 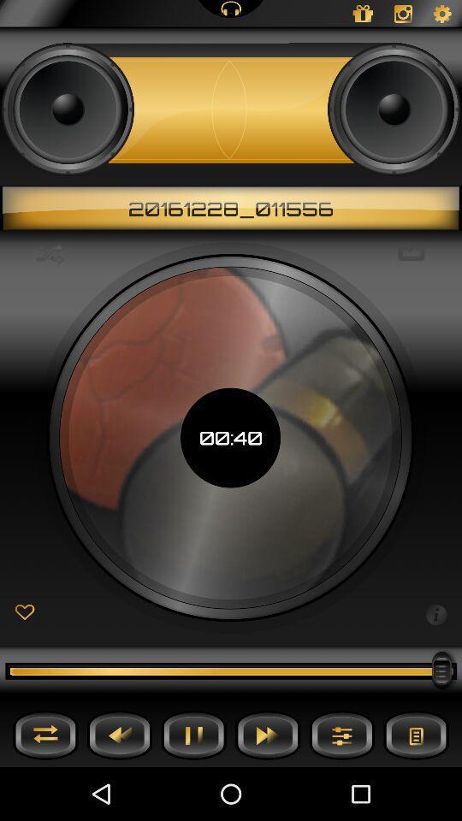 I want to click on icon to the right of the 00:40 icon, so click(x=411, y=252).